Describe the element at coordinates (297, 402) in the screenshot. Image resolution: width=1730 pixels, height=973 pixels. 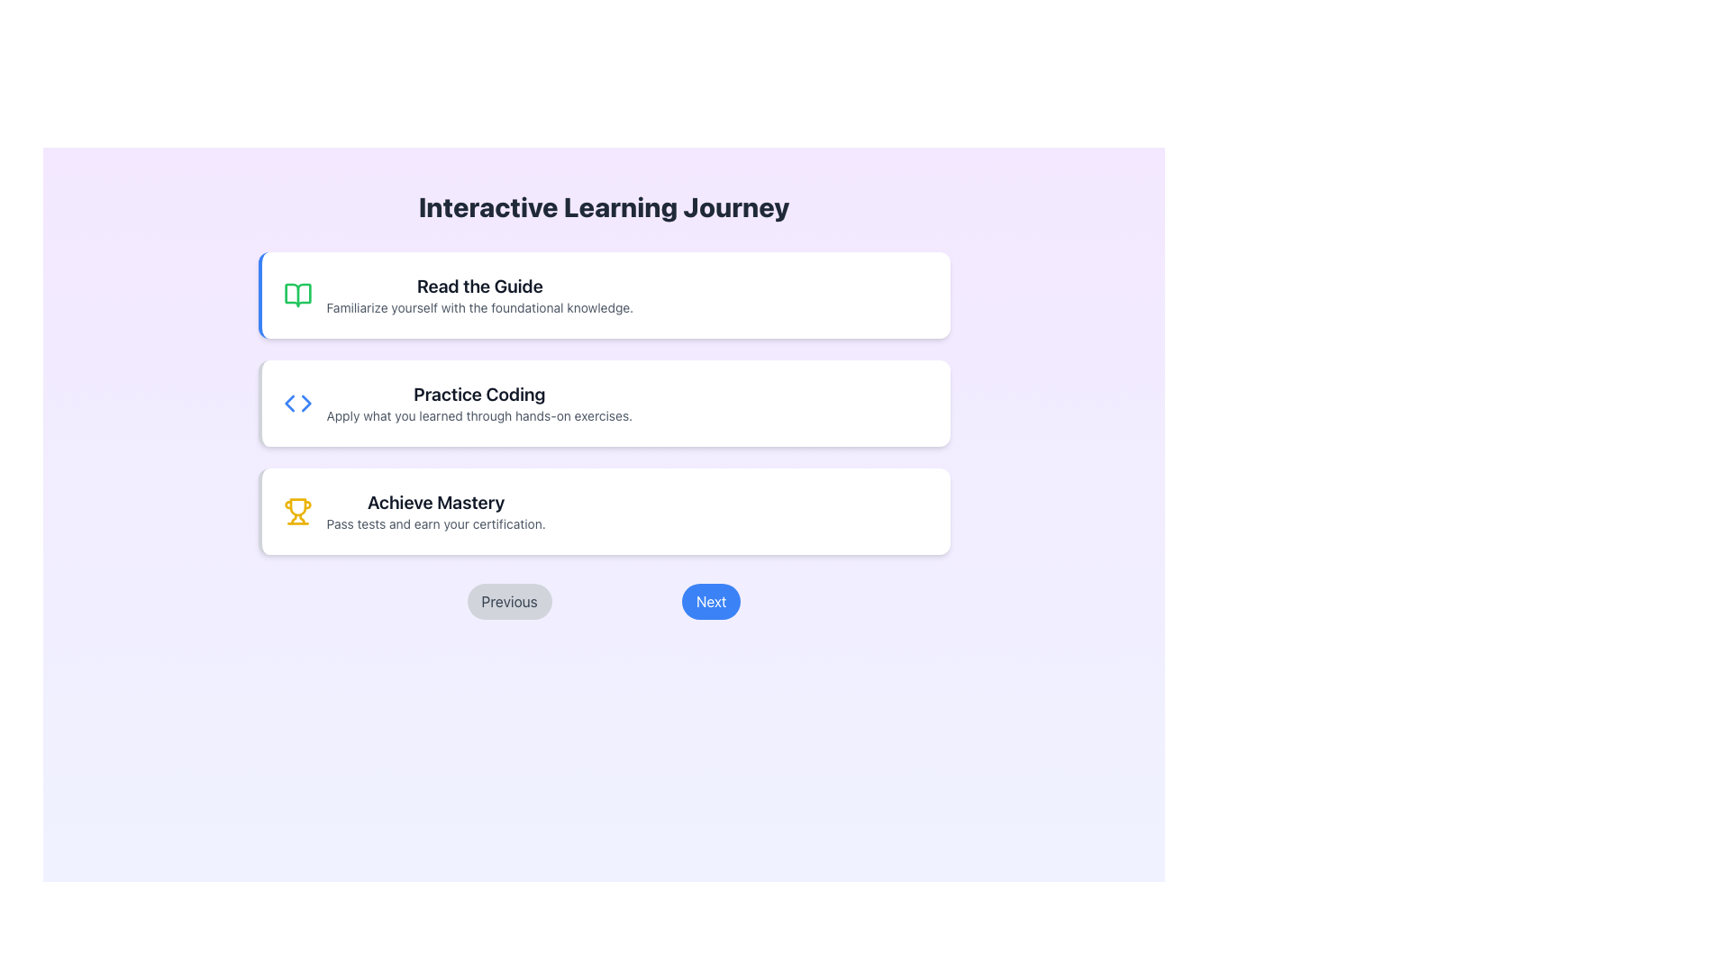
I see `the SVG Icon representing coding within the 'Practice Coding' card, which emphasizes the related textual content` at that location.